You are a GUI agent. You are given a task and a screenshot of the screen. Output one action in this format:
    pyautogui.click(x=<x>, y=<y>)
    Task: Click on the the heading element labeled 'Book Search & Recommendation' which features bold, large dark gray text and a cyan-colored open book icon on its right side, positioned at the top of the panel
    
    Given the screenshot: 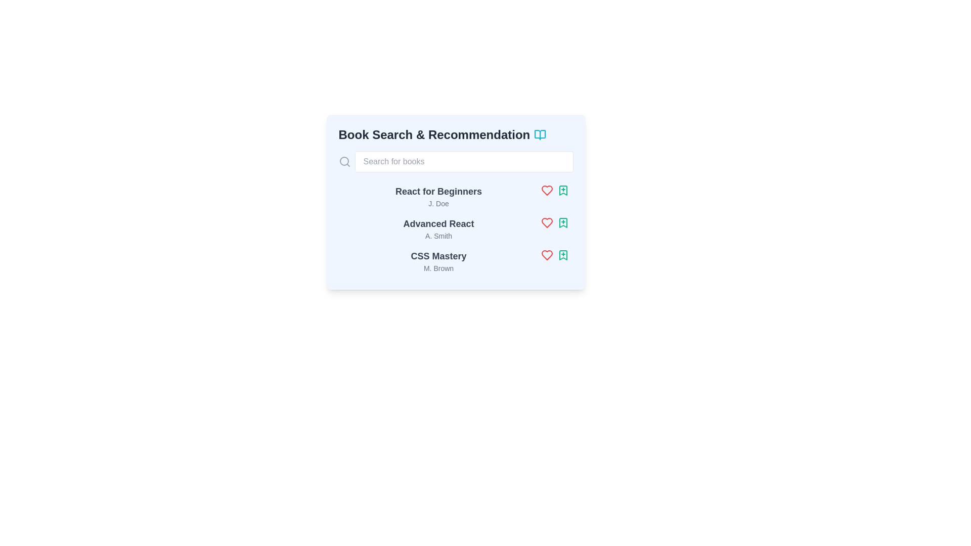 What is the action you would take?
    pyautogui.click(x=455, y=134)
    